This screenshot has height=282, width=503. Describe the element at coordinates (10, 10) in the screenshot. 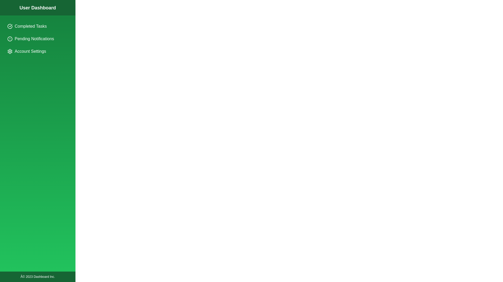

I see `the toggle button located at the top-left corner of the screen to toggle the drawer visibility` at that location.